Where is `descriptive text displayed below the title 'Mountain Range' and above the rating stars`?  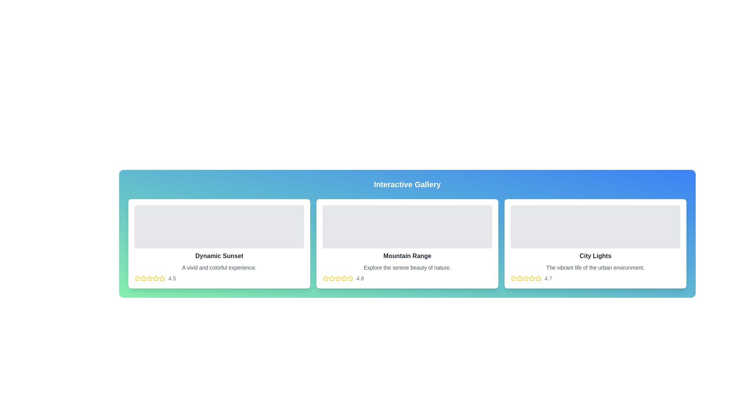
descriptive text displayed below the title 'Mountain Range' and above the rating stars is located at coordinates (407, 267).